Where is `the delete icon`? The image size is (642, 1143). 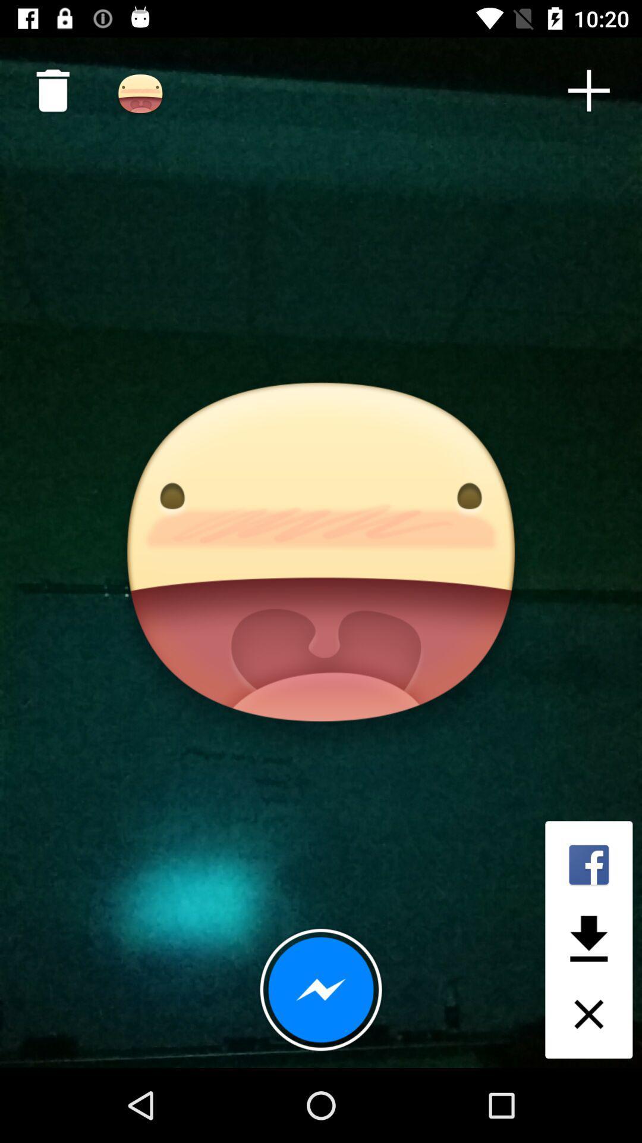 the delete icon is located at coordinates (48, 85).